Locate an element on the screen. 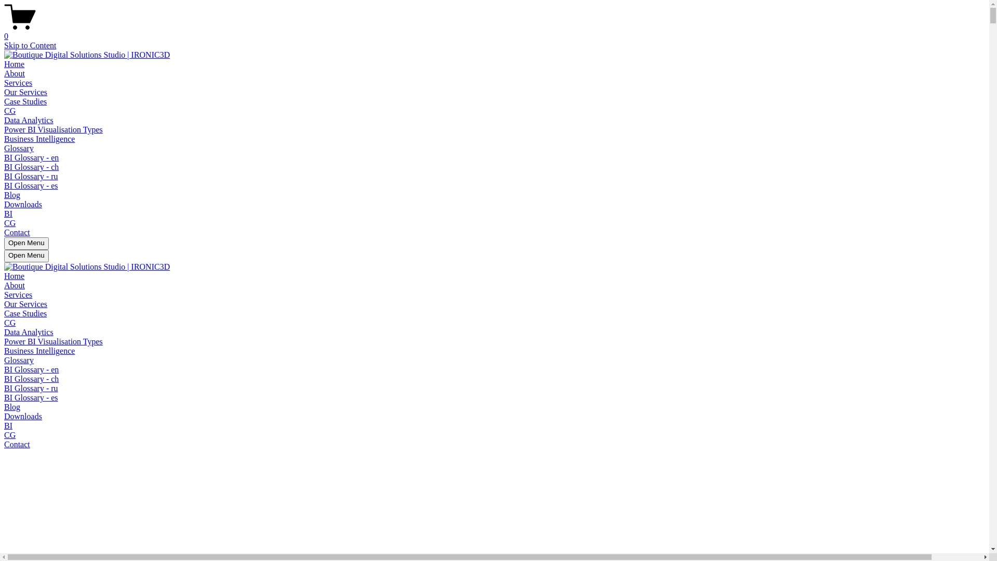 This screenshot has width=997, height=561. 'Open Menu' is located at coordinates (26, 256).